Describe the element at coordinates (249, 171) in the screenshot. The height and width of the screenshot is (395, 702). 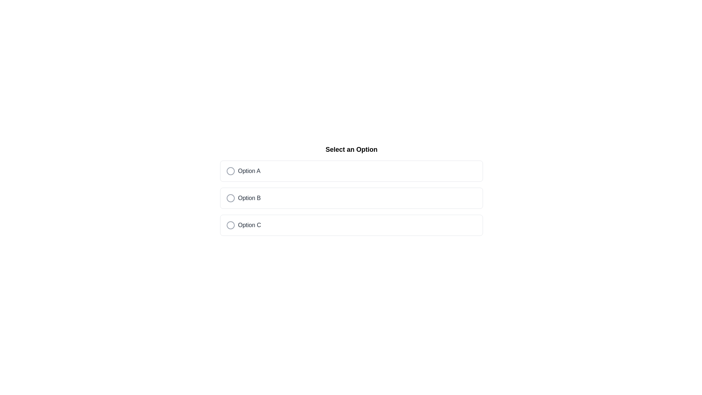
I see `the static text label that describes 'Option A', which is positioned as the first label in a grouped list of radio buttons` at that location.